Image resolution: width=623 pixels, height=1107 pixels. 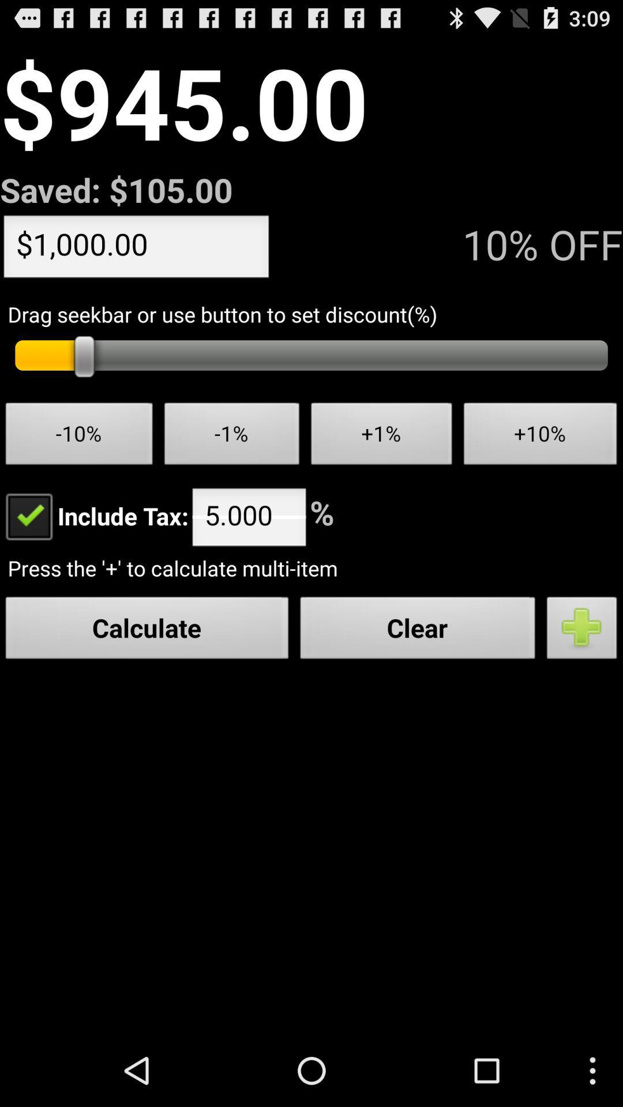 I want to click on clear, so click(x=418, y=630).